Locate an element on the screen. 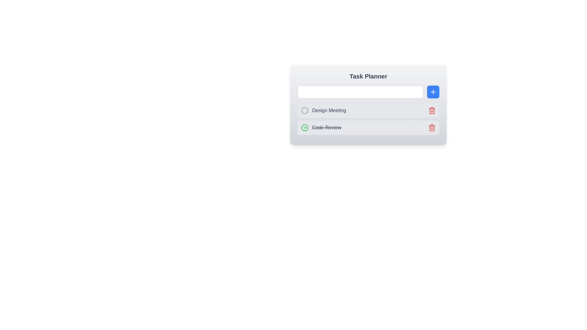 This screenshot has width=587, height=330. the strikethrough style of the Text Label indicating the completion status of a task in the 'Task Planner' section, which is located in the second row alongside a checkbox and a delete button is located at coordinates (321, 127).